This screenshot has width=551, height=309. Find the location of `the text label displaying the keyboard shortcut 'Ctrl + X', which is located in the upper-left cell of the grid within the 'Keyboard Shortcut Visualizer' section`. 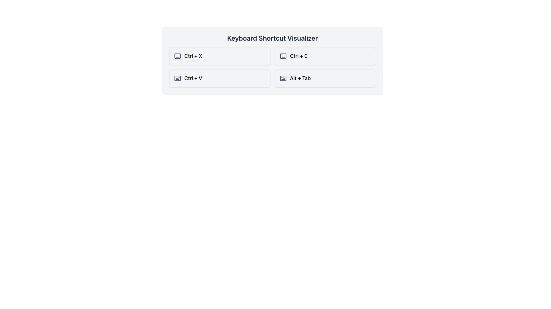

the text label displaying the keyboard shortcut 'Ctrl + X', which is located in the upper-left cell of the grid within the 'Keyboard Shortcut Visualizer' section is located at coordinates (193, 56).